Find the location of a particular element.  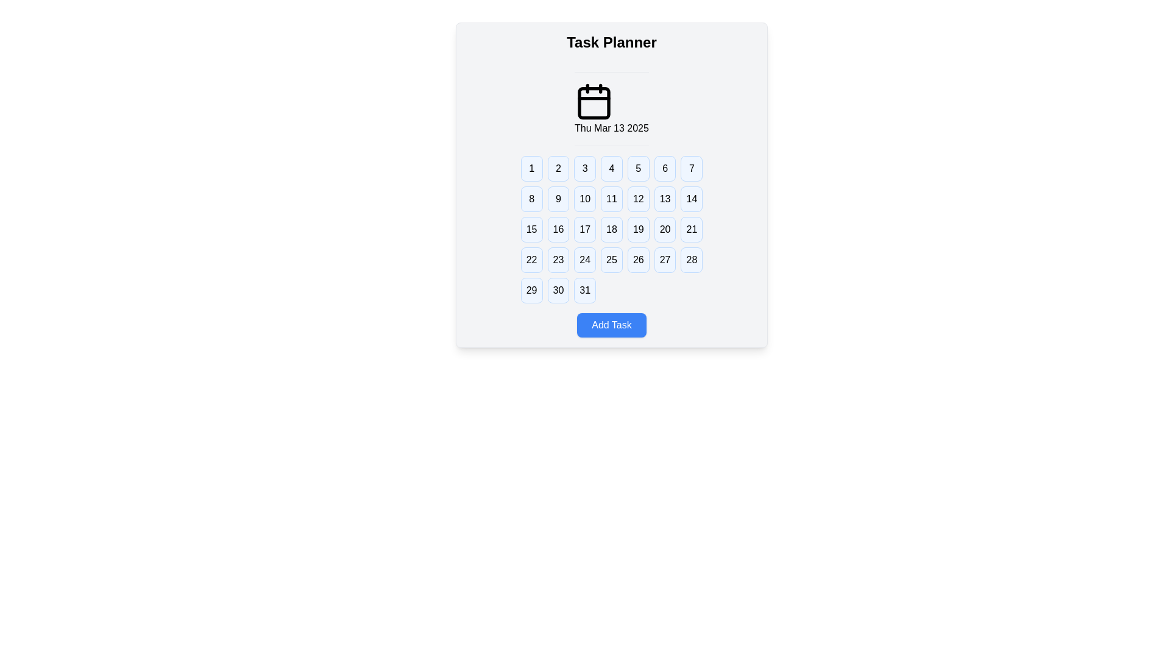

the button representing the second day in the calendar interface is located at coordinates (558, 169).